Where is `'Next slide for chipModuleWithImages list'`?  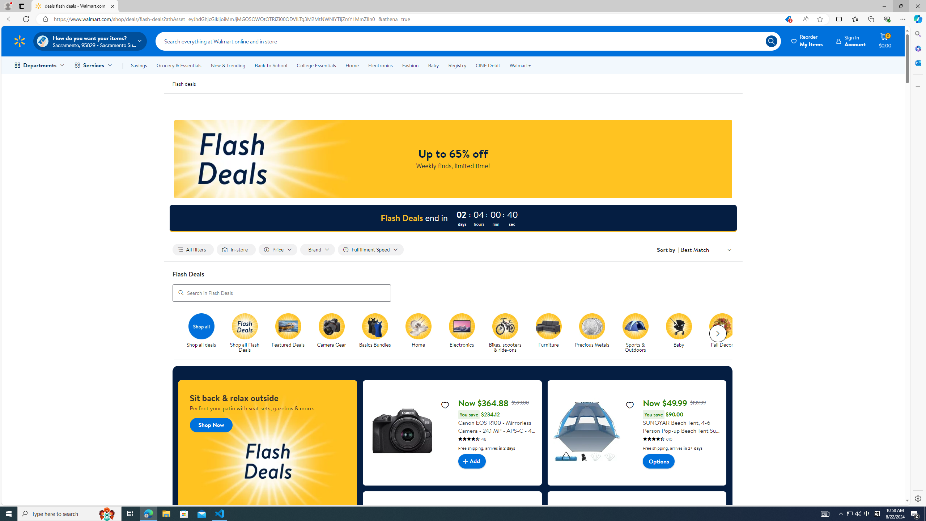 'Next slide for chipModuleWithImages list' is located at coordinates (718, 333).